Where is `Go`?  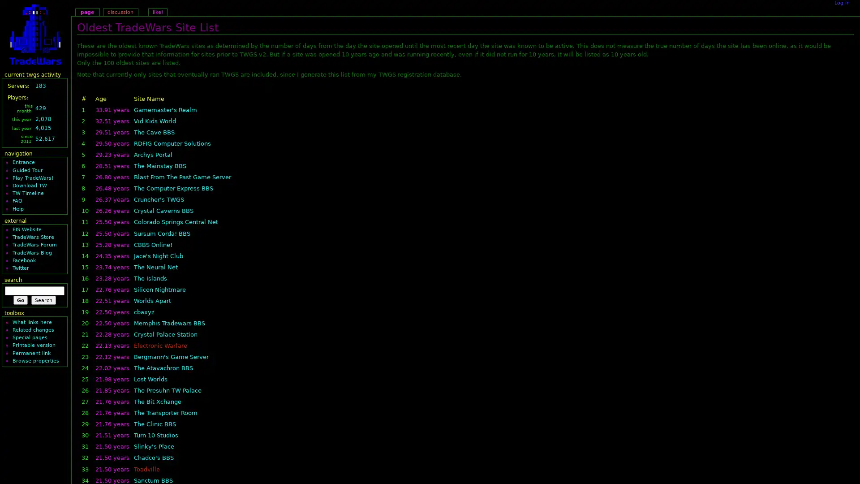
Go is located at coordinates (20, 300).